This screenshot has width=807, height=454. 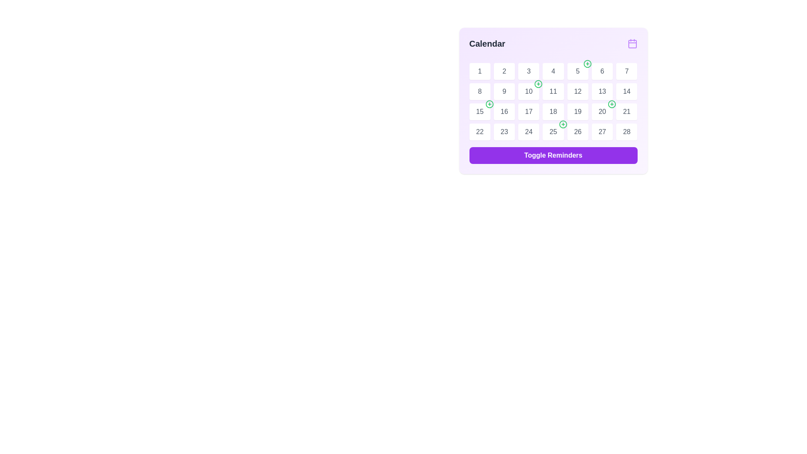 I want to click on the interactive day selection button for the date '24' in the calendar interface, so click(x=528, y=132).